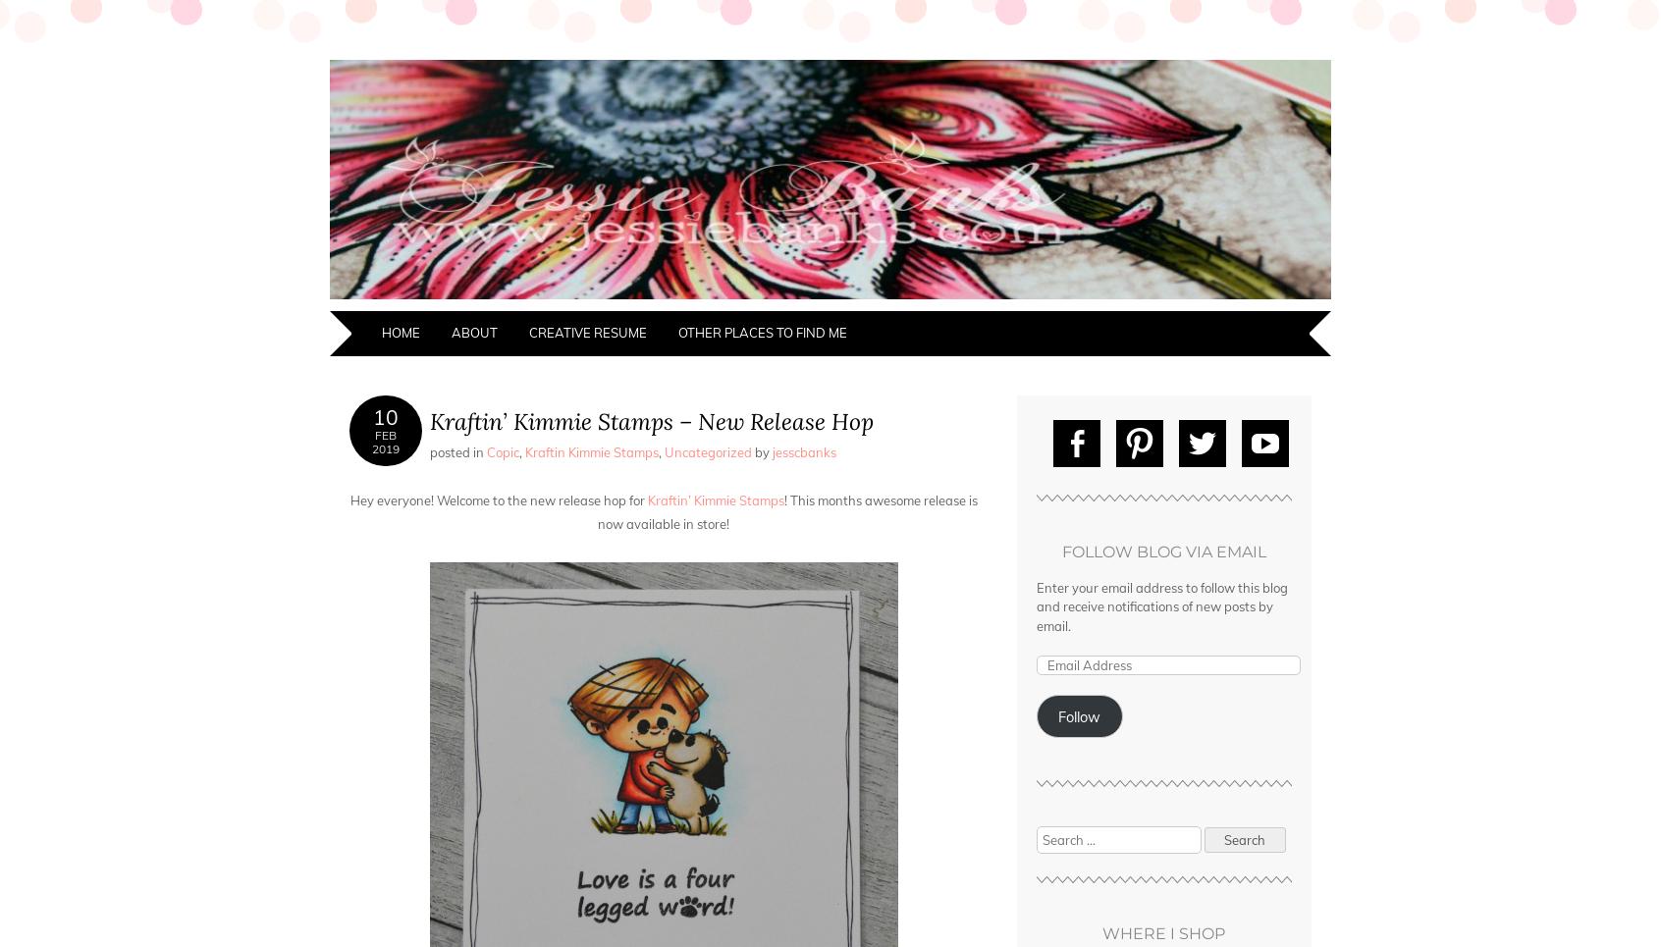  Describe the element at coordinates (643, 500) in the screenshot. I see `'Kraftin’ Kimmie Stamps'` at that location.